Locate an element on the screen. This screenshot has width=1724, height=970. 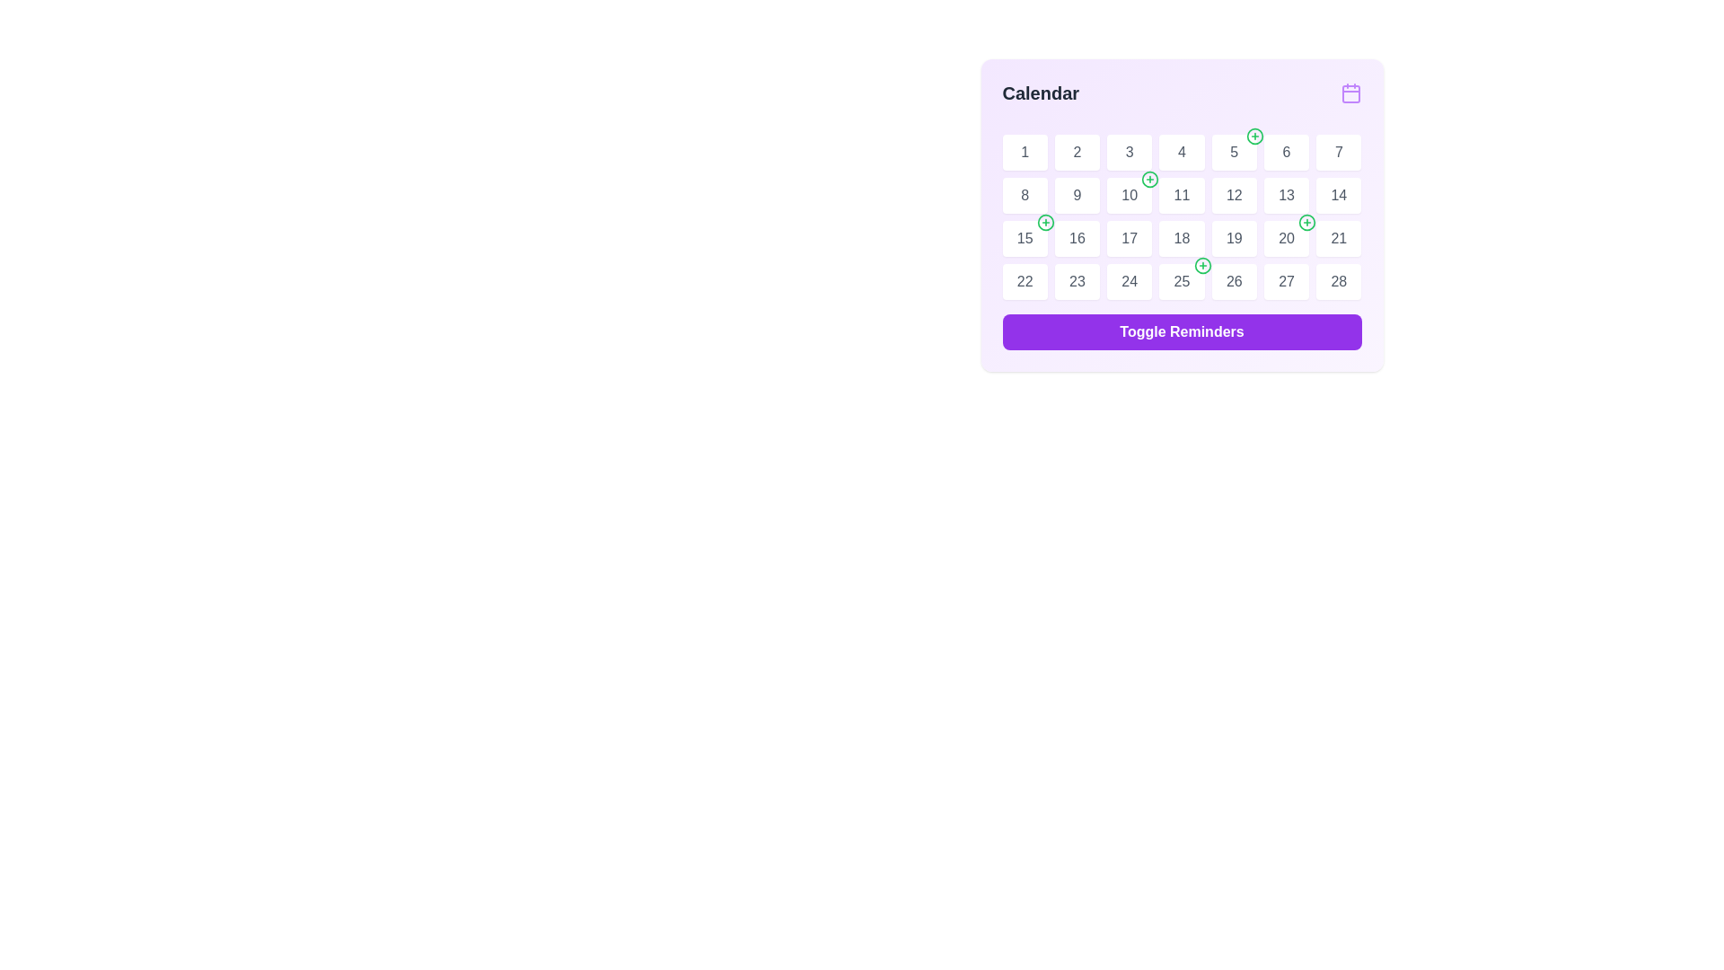
the Text label indicating the date 22 in the calendar is located at coordinates (1025, 281).